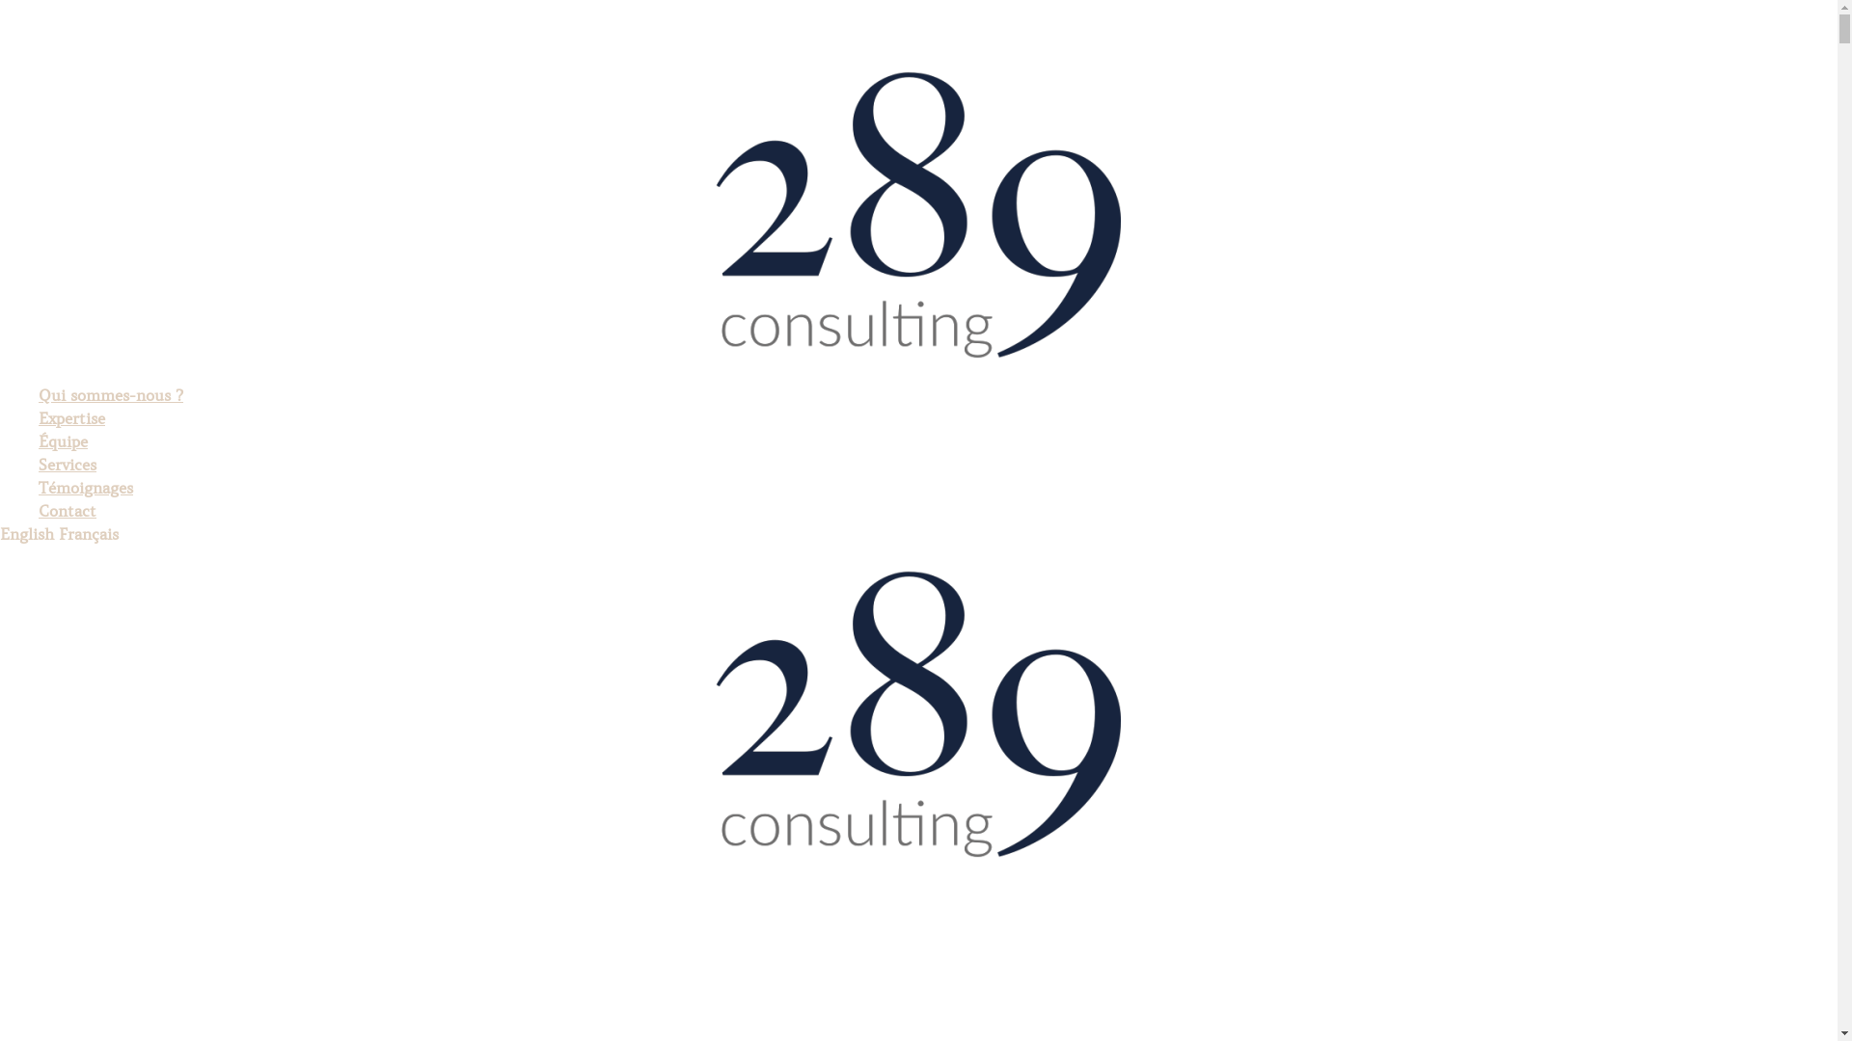  What do you see at coordinates (68, 509) in the screenshot?
I see `'Contact'` at bounding box center [68, 509].